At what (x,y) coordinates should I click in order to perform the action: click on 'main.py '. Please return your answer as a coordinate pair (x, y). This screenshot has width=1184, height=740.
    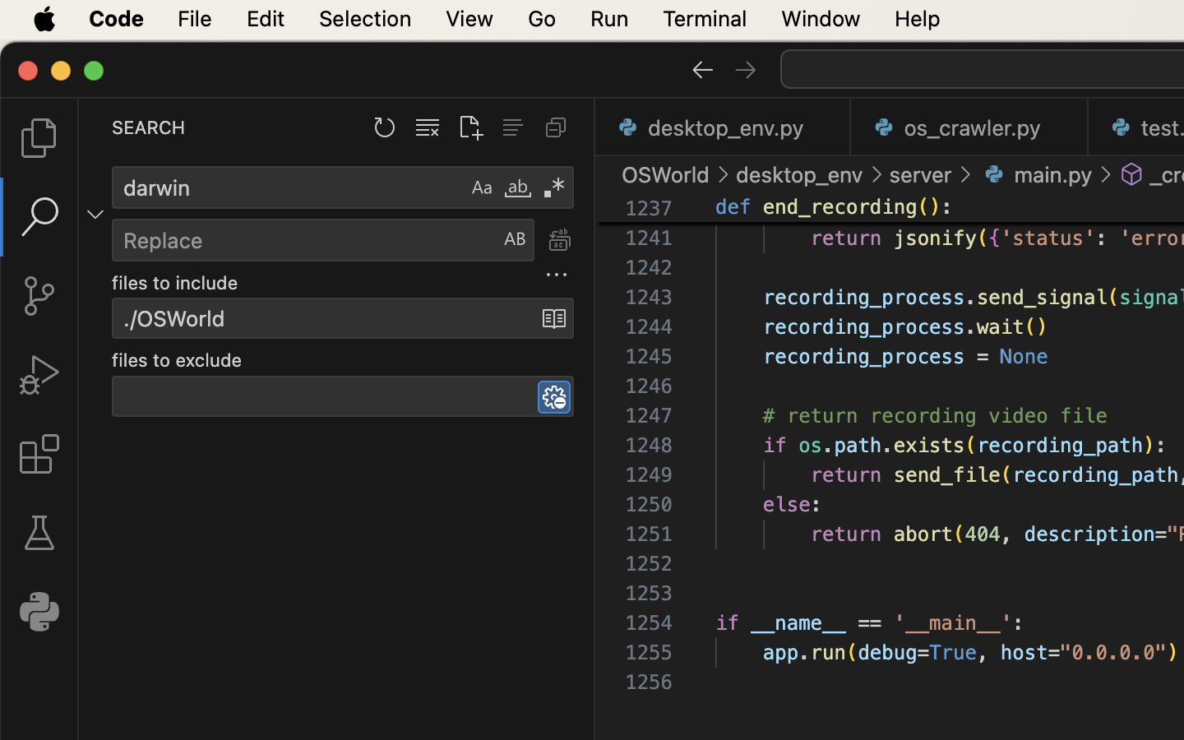
    Looking at the image, I should click on (1035, 174).